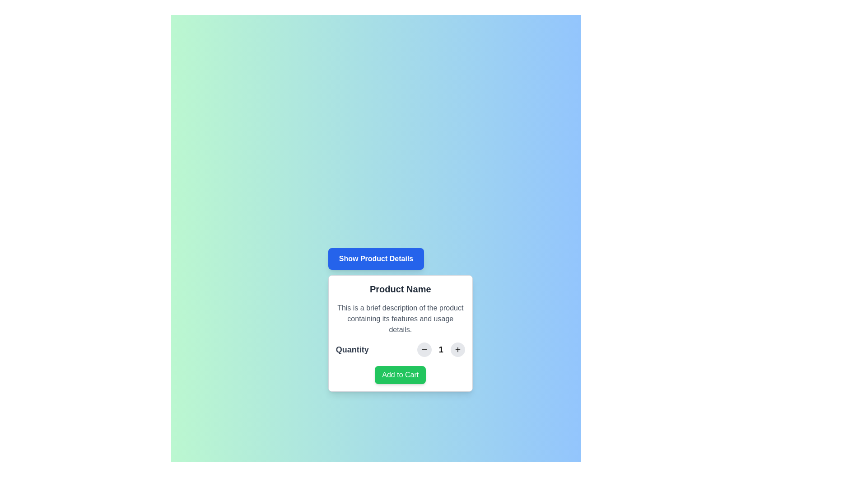 Image resolution: width=867 pixels, height=488 pixels. I want to click on the circular decrement button with a light gray background and dark minus icon to decrease the value, so click(424, 349).